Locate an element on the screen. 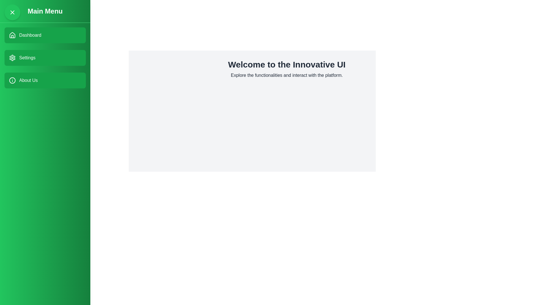 The height and width of the screenshot is (305, 542). toggle button to toggle the drawer is located at coordinates (12, 12).